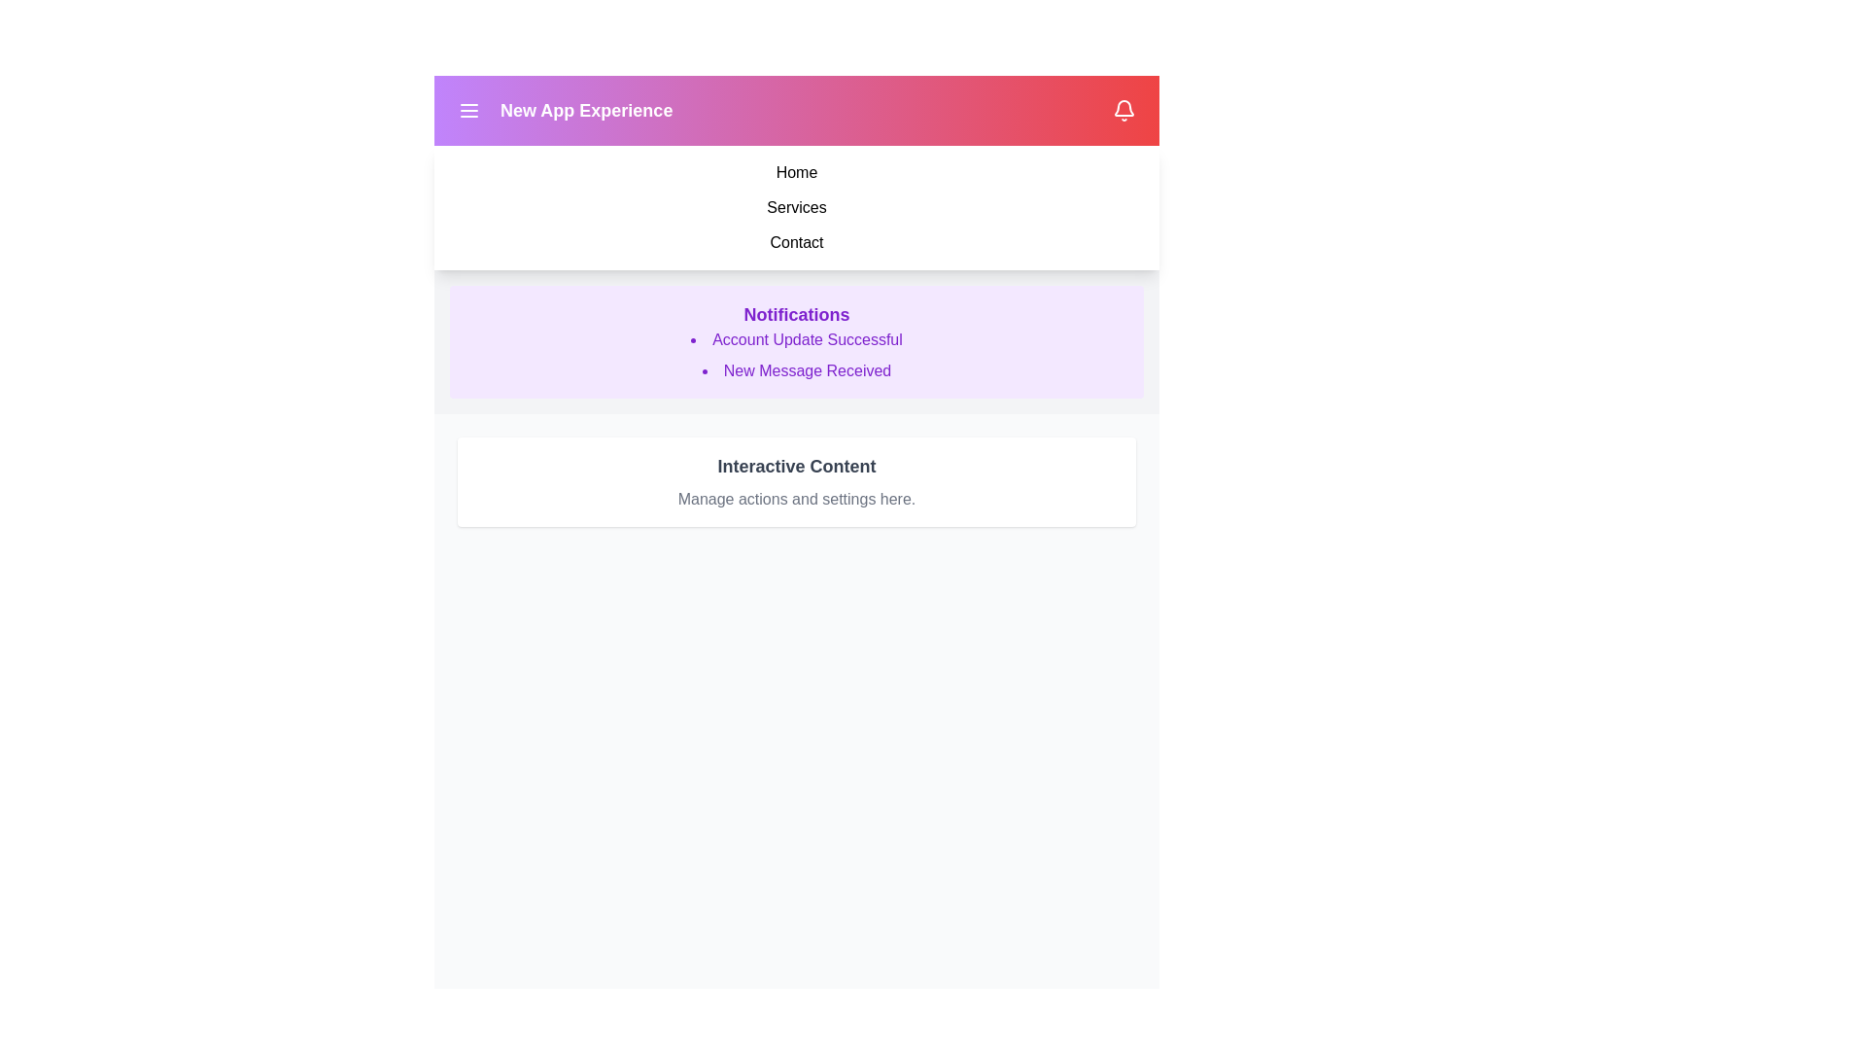 The height and width of the screenshot is (1050, 1866). Describe the element at coordinates (1123, 111) in the screenshot. I see `the bell icon to toggle the visibility of notifications` at that location.